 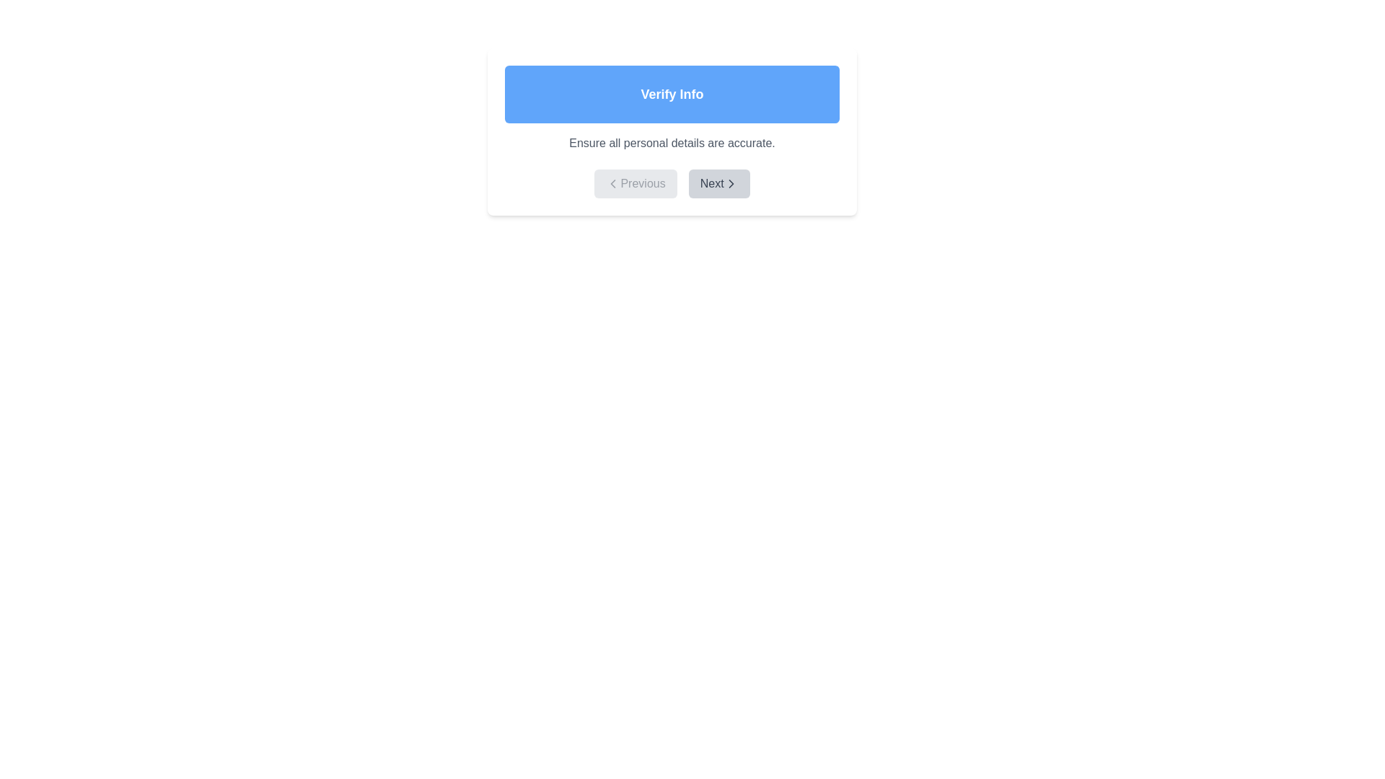 I want to click on text content of the 'Verify Info' label, which is displayed in bold font within a light blue rounded rectangle, located near the top-center of the interface, so click(x=671, y=94).